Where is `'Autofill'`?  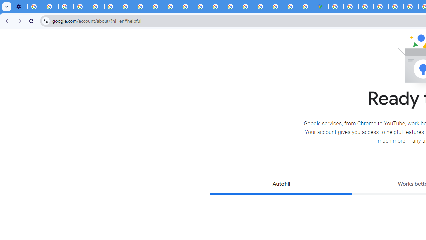 'Autofill' is located at coordinates (281, 185).